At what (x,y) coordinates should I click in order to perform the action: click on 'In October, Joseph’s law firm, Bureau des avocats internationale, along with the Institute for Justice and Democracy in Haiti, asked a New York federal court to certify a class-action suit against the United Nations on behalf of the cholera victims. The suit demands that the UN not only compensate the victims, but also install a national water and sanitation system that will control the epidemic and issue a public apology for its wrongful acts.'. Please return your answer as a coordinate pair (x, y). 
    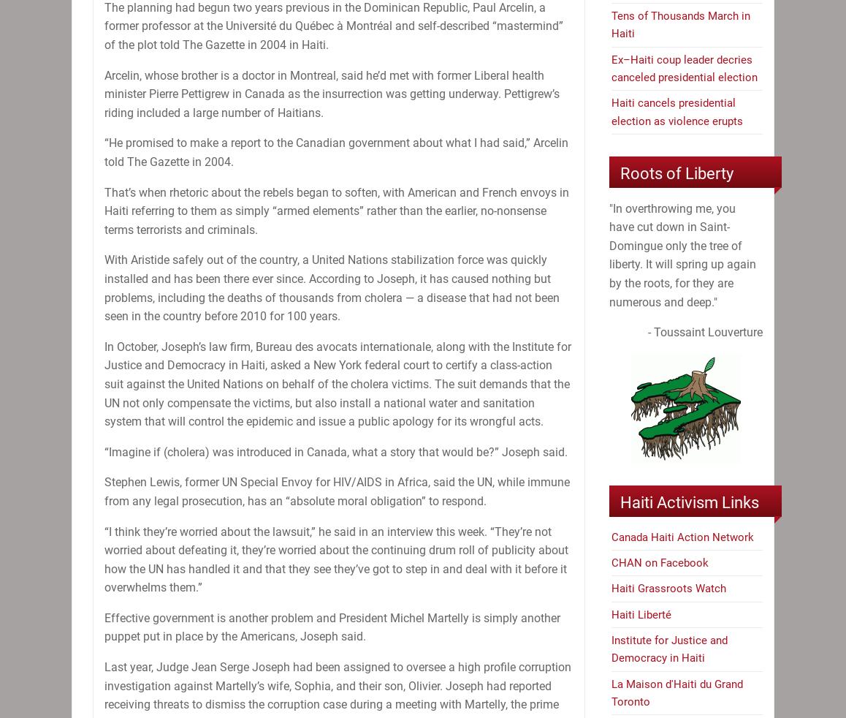
    Looking at the image, I should click on (338, 382).